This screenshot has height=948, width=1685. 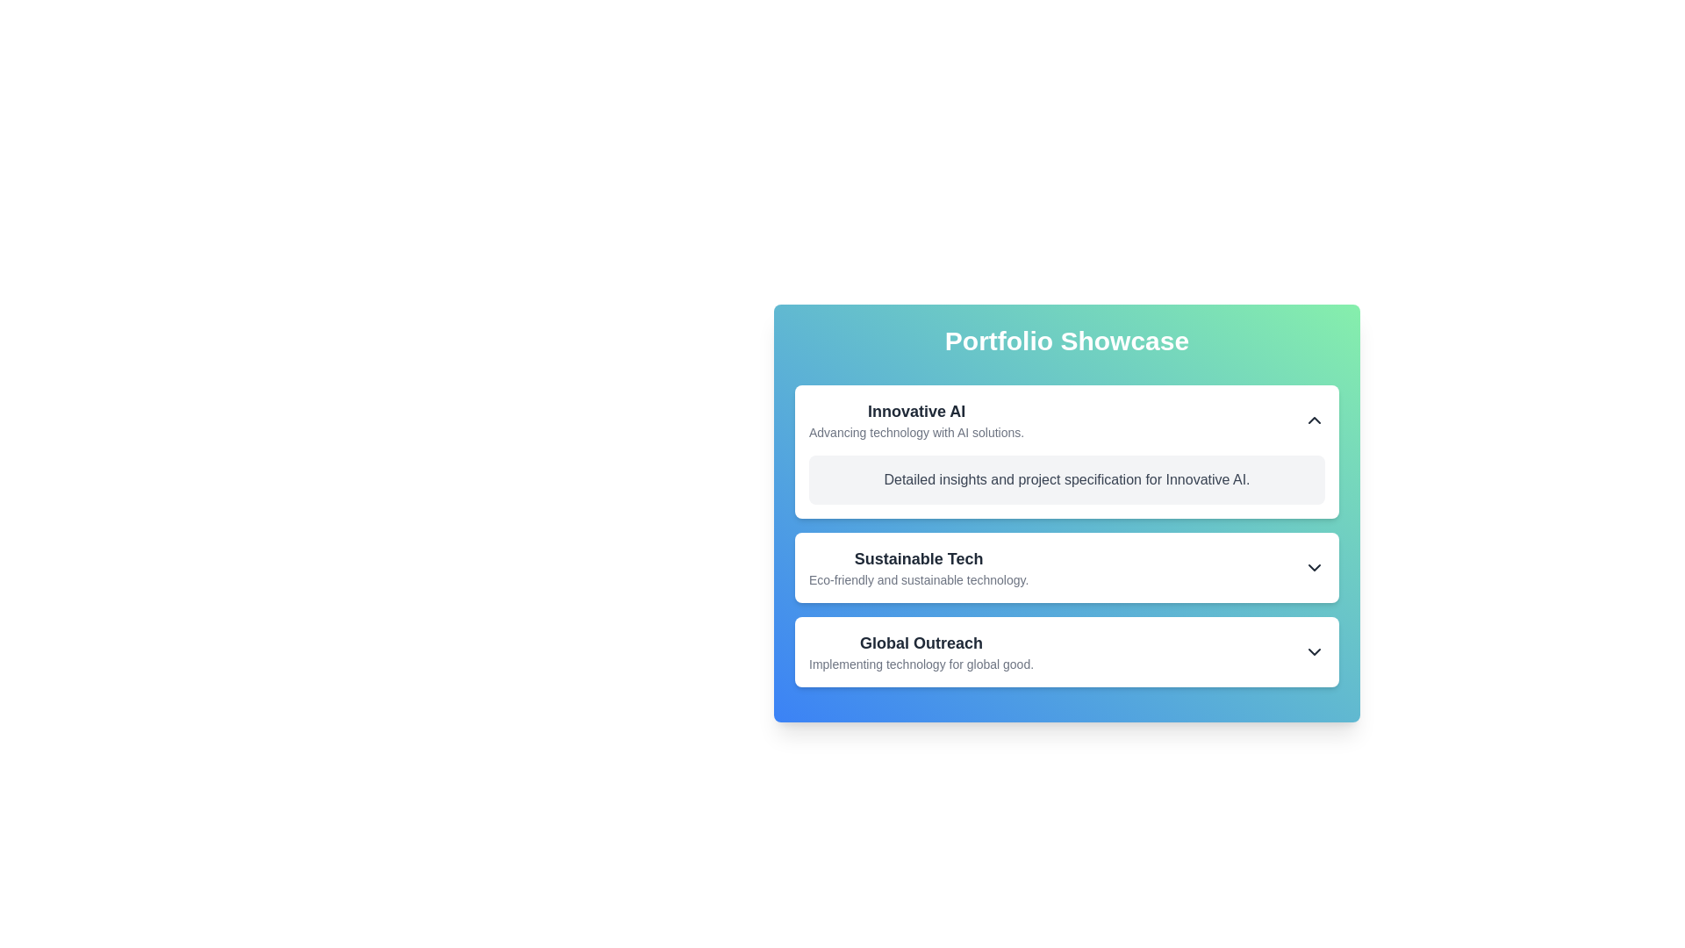 What do you see at coordinates (915, 420) in the screenshot?
I see `the content of the Text block that serves as a header and summary for the section related to 'Innovative AI', positioned under 'Portfolio Showcase'` at bounding box center [915, 420].